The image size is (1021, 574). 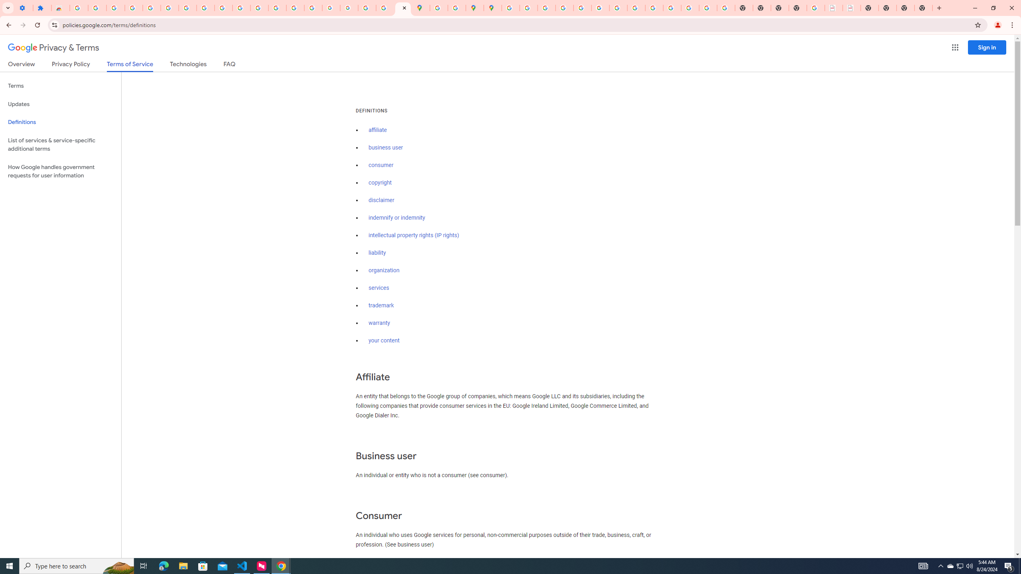 What do you see at coordinates (834, 8) in the screenshot?
I see `'LAAD Defence & Security 2025 | BAE Systems'` at bounding box center [834, 8].